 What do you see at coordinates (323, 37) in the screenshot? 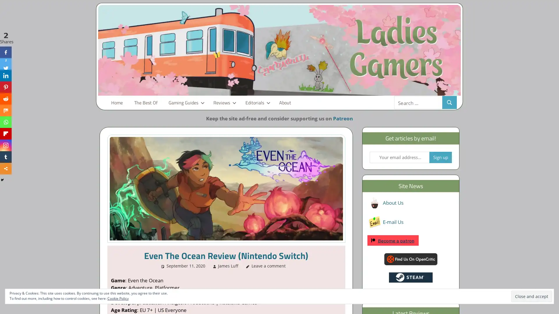
I see `Yes please!` at bounding box center [323, 37].